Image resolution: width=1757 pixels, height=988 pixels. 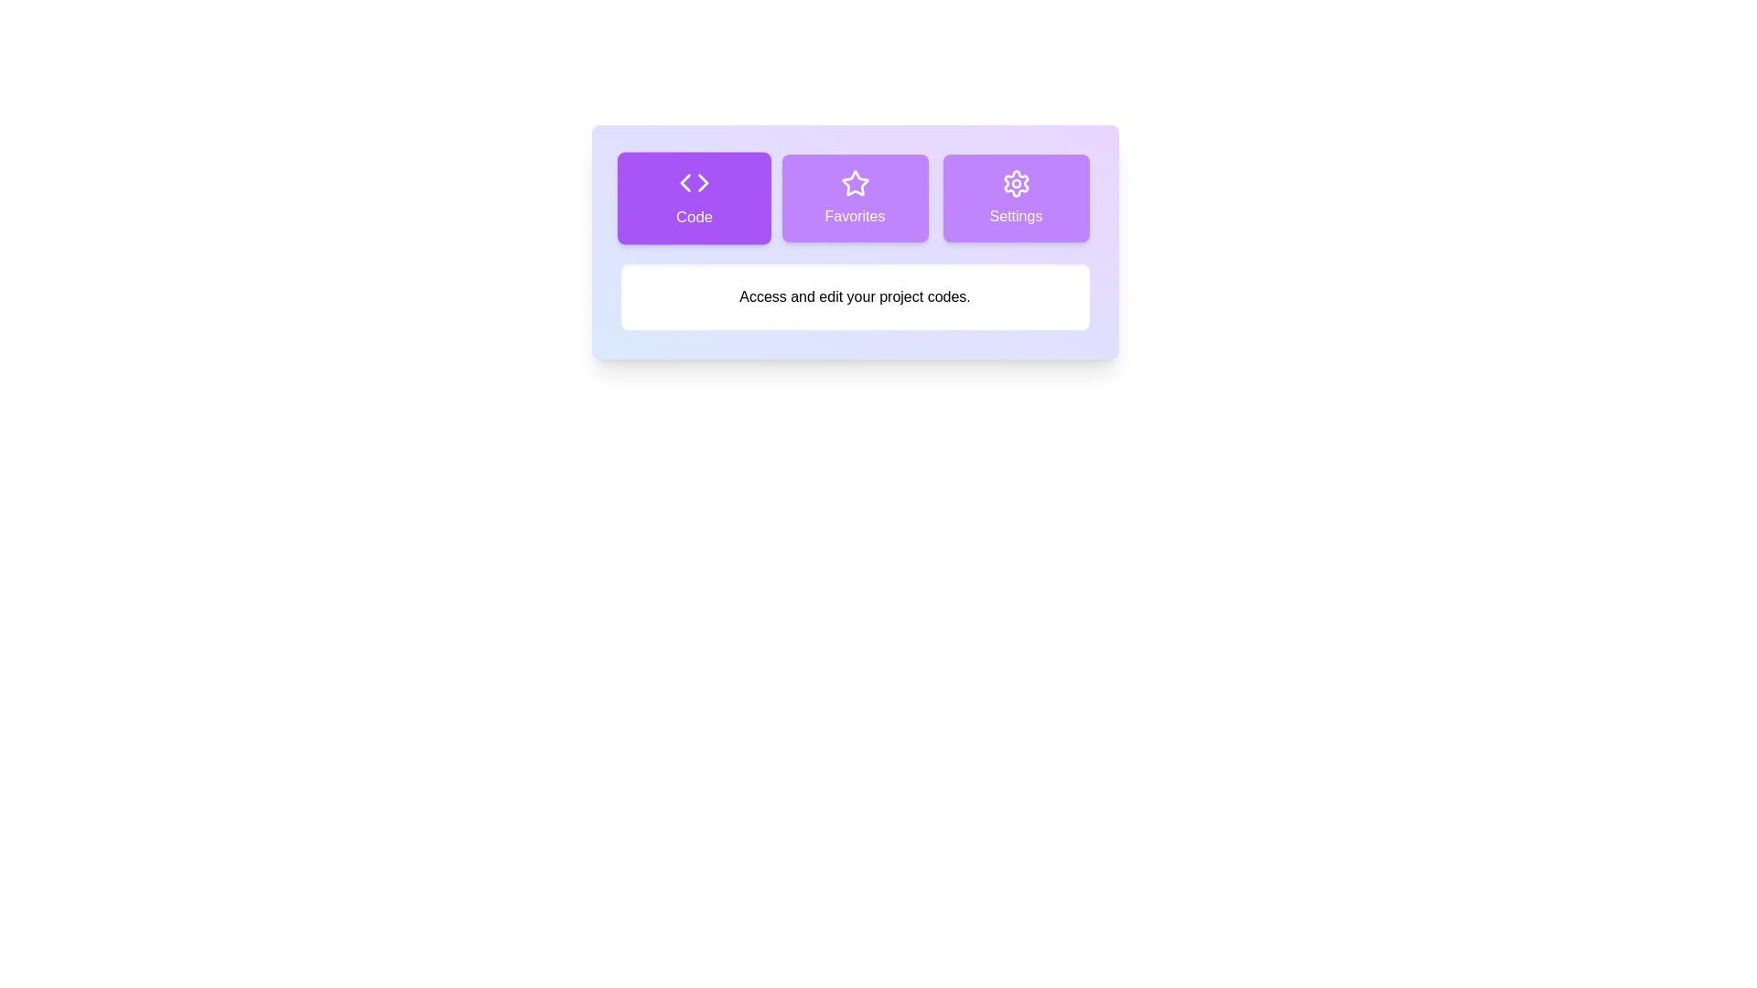 What do you see at coordinates (1015, 183) in the screenshot?
I see `the settings icon, which is a minimalistic gear symbol located centrally within the purple card labeled 'Settings'` at bounding box center [1015, 183].